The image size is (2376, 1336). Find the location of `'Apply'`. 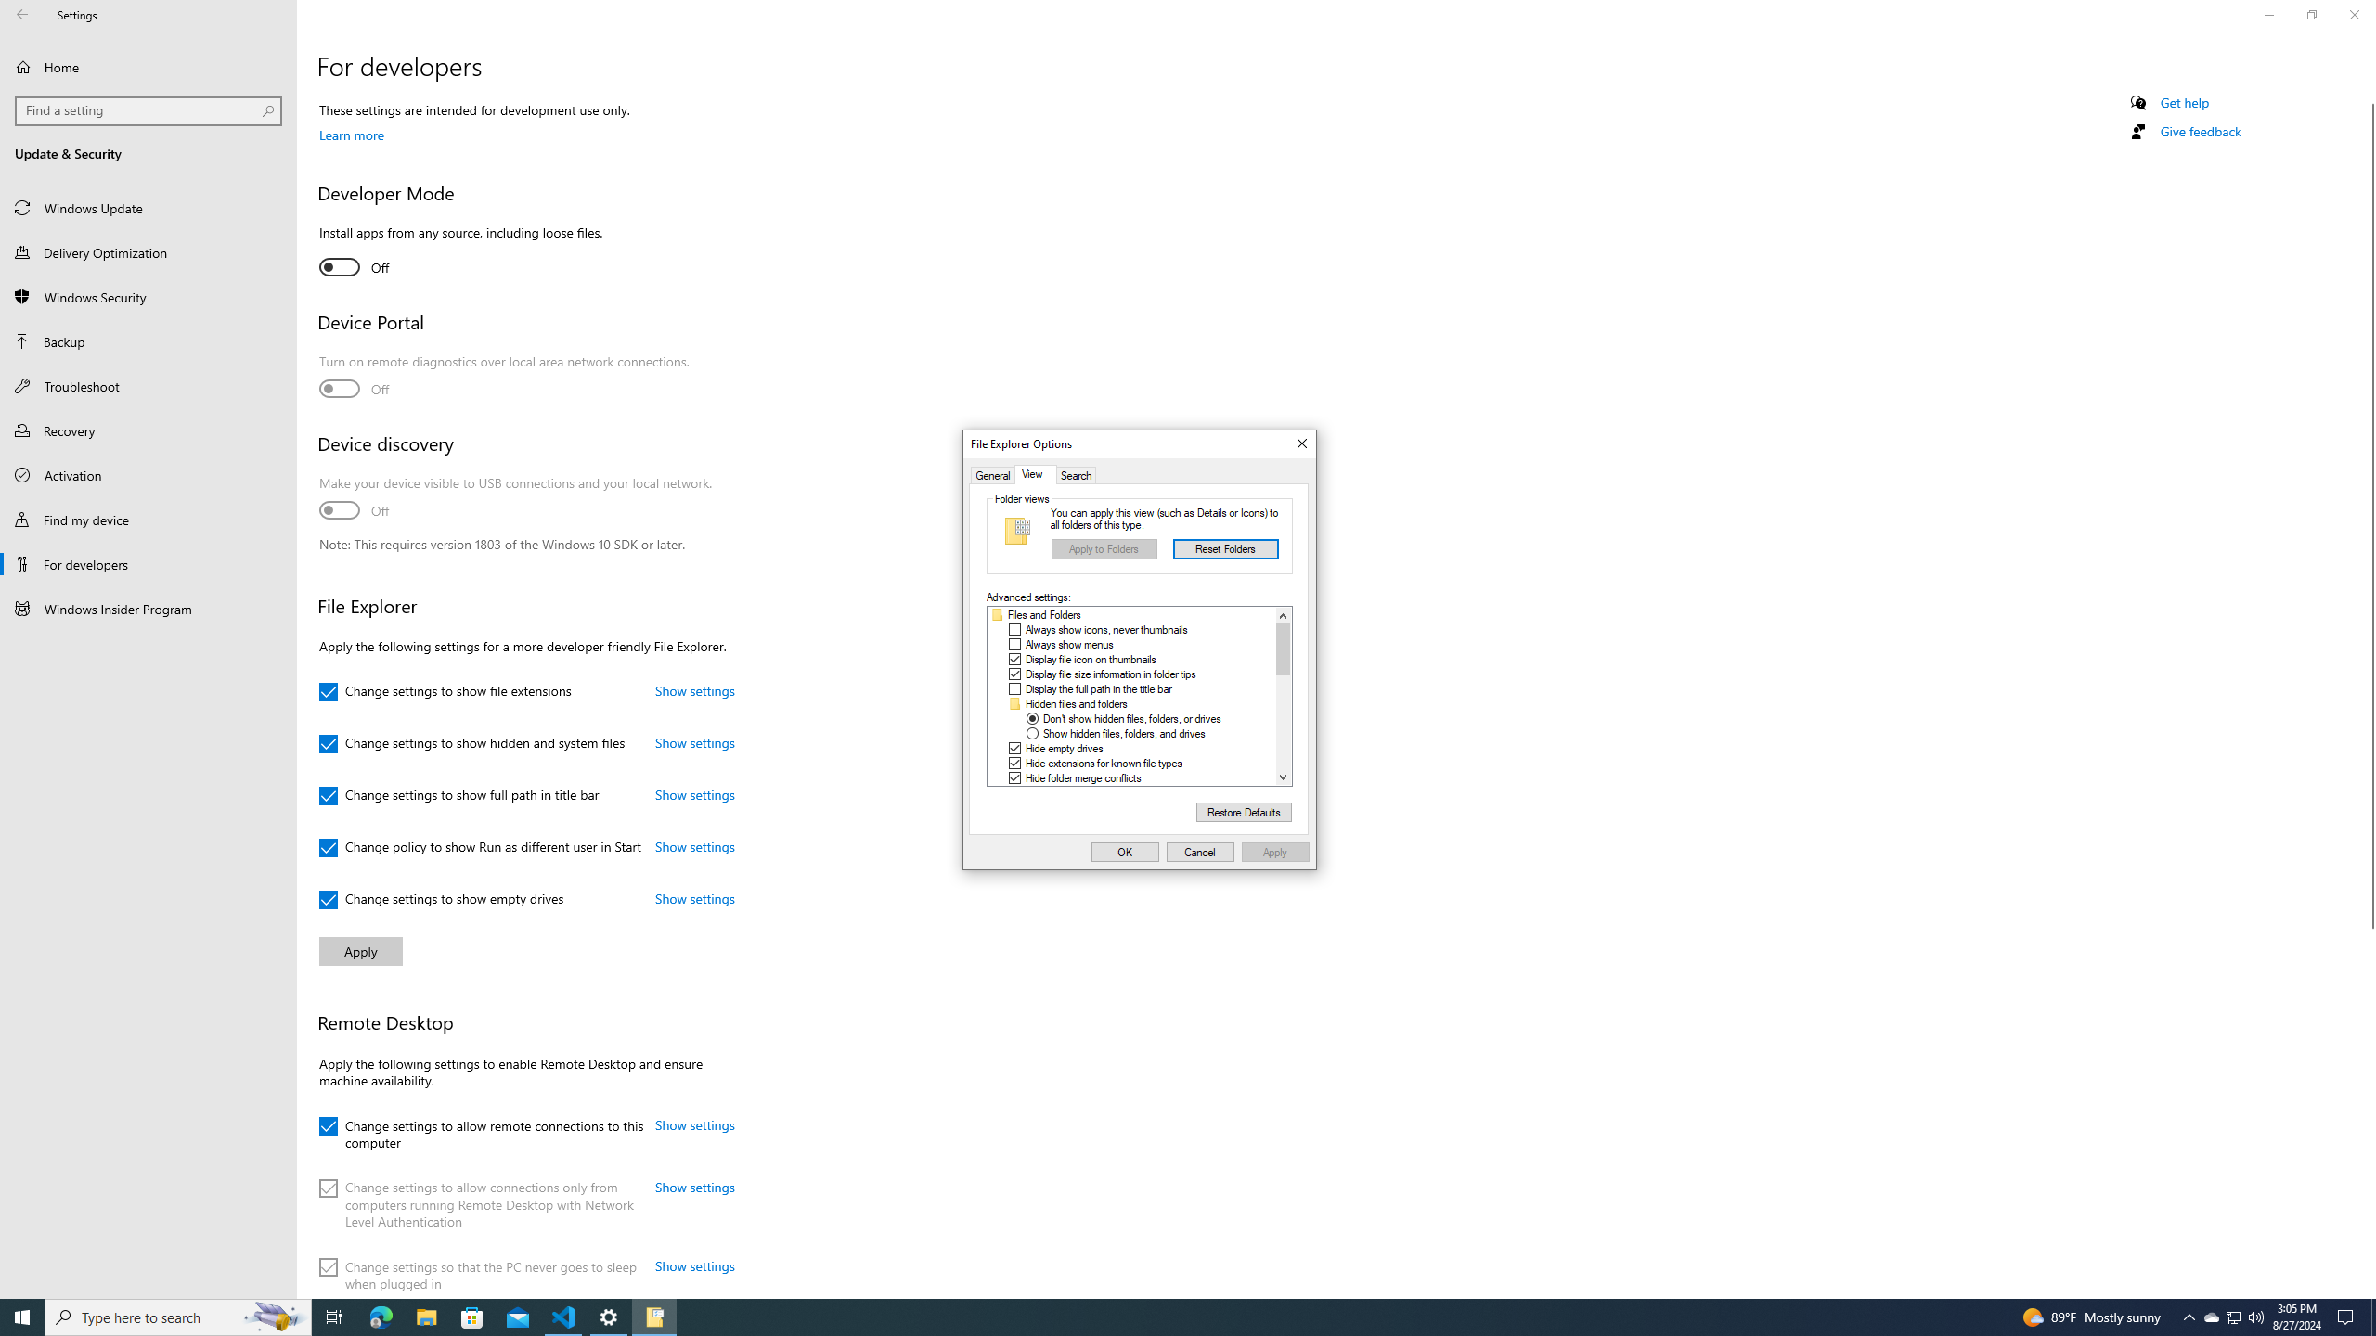

'Apply' is located at coordinates (1274, 852).